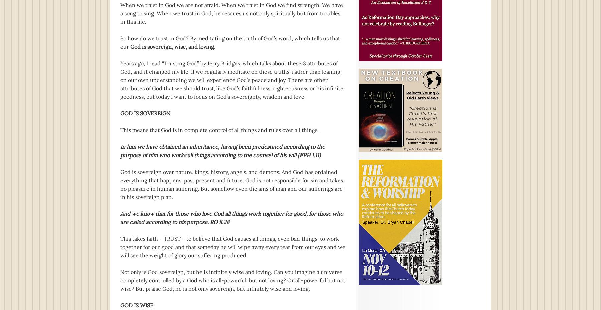  What do you see at coordinates (231, 13) in the screenshot?
I see `'When we trust in God we are not afraid. When we trust in God we find strength. We have a song to sing. When we trust in God, he rescues us not only spiritually but from troubles in this life.'` at bounding box center [231, 13].